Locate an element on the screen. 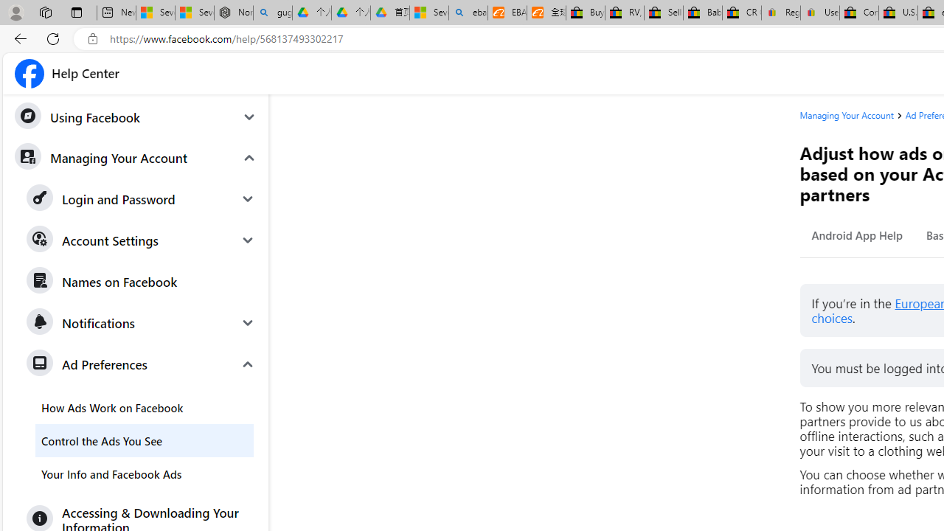 Image resolution: width=944 pixels, height=531 pixels. 'U.S. State Privacy Disclosures - eBay Inc.' is located at coordinates (897, 13).